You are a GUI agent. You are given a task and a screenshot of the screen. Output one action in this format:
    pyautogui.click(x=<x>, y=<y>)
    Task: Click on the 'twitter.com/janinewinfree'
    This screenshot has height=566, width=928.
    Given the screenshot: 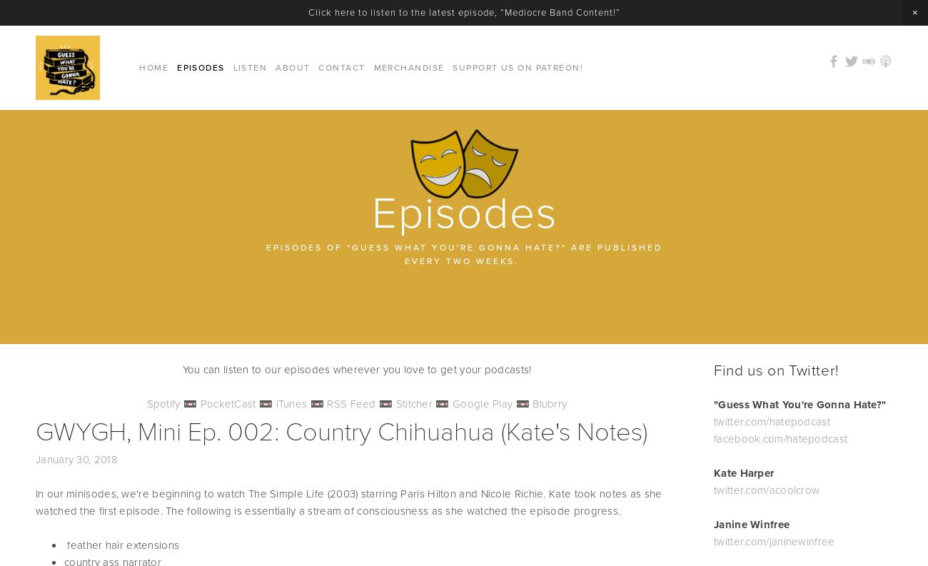 What is the action you would take?
    pyautogui.click(x=773, y=541)
    